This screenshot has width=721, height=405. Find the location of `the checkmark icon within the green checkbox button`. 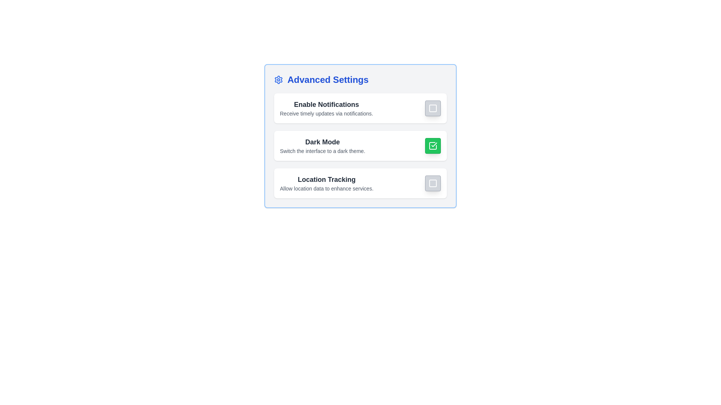

the checkmark icon within the green checkbox button is located at coordinates (433, 146).